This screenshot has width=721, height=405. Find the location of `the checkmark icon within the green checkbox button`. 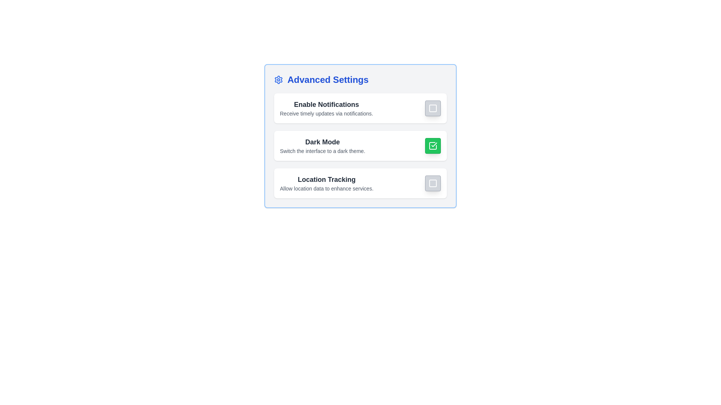

the checkmark icon within the green checkbox button is located at coordinates (433, 146).